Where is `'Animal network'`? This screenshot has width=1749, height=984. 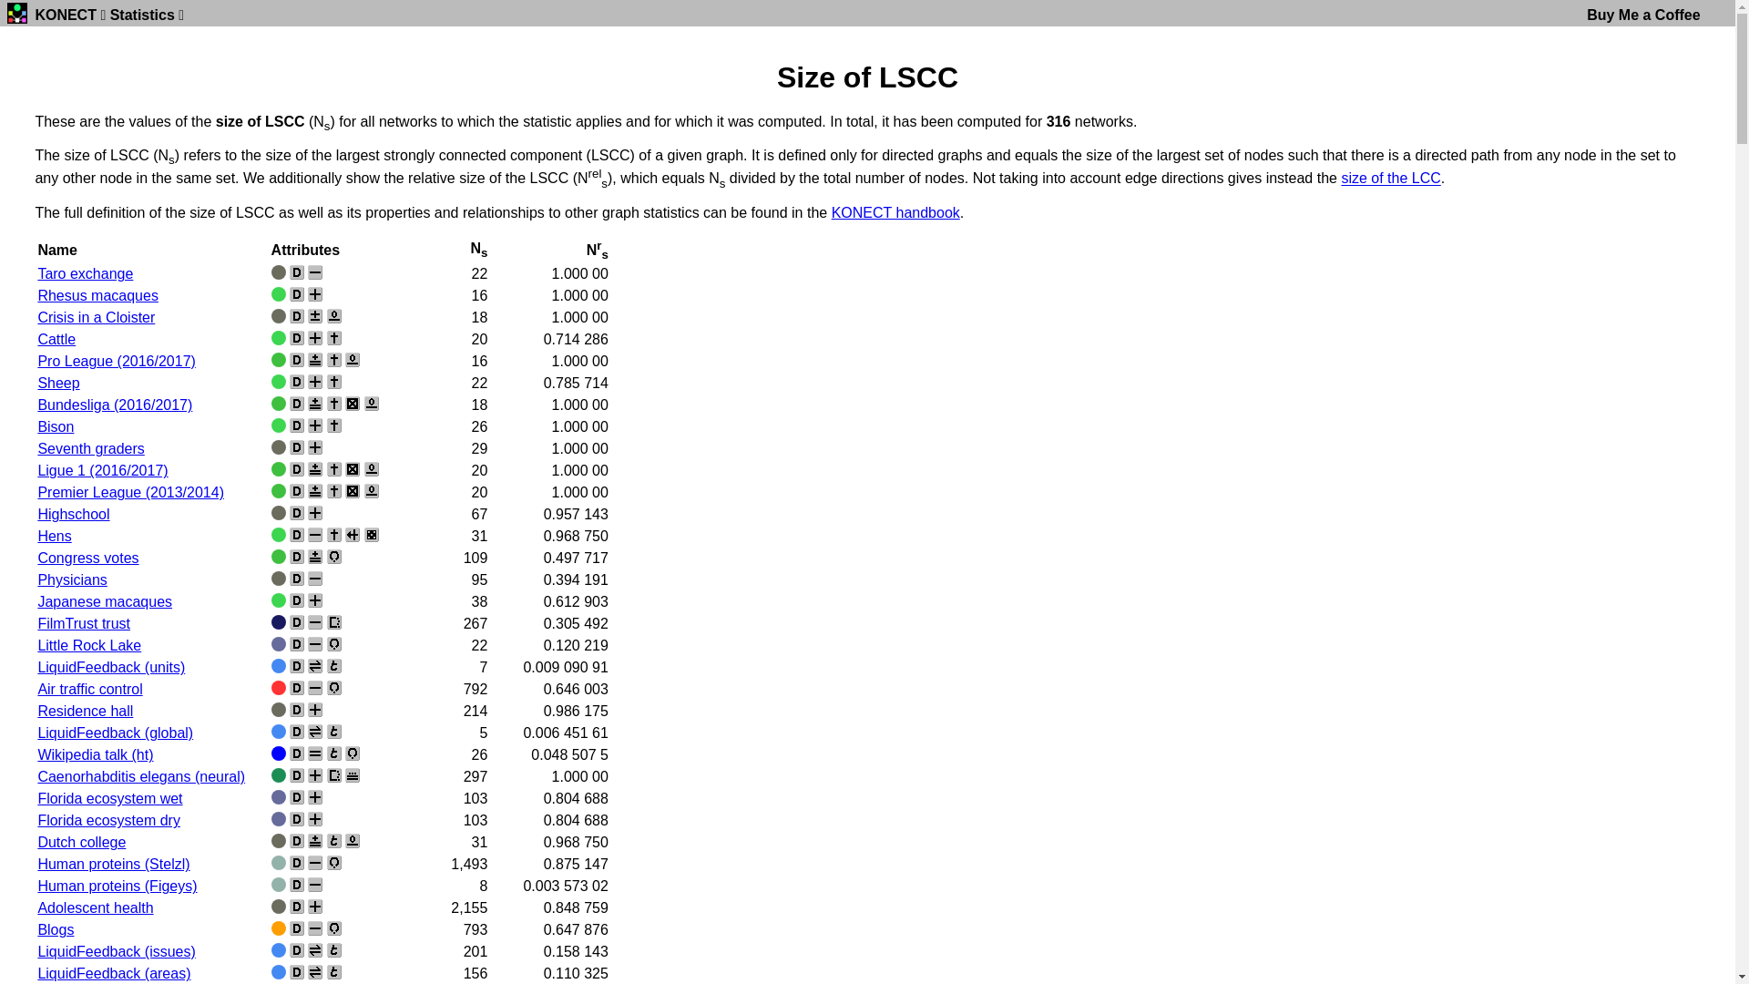 'Animal network' is located at coordinates (278, 533).